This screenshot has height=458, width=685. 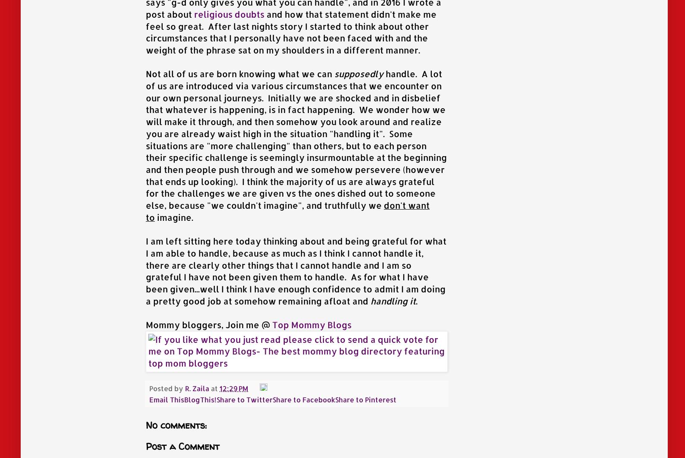 What do you see at coordinates (416, 301) in the screenshot?
I see `'.'` at bounding box center [416, 301].